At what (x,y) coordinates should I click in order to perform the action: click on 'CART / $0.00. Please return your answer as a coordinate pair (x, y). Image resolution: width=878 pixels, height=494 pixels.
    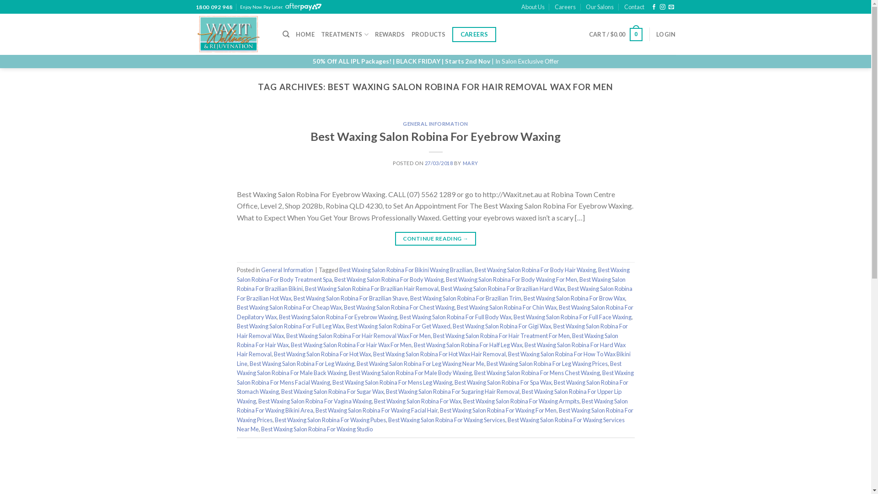
    Looking at the image, I should click on (589, 34).